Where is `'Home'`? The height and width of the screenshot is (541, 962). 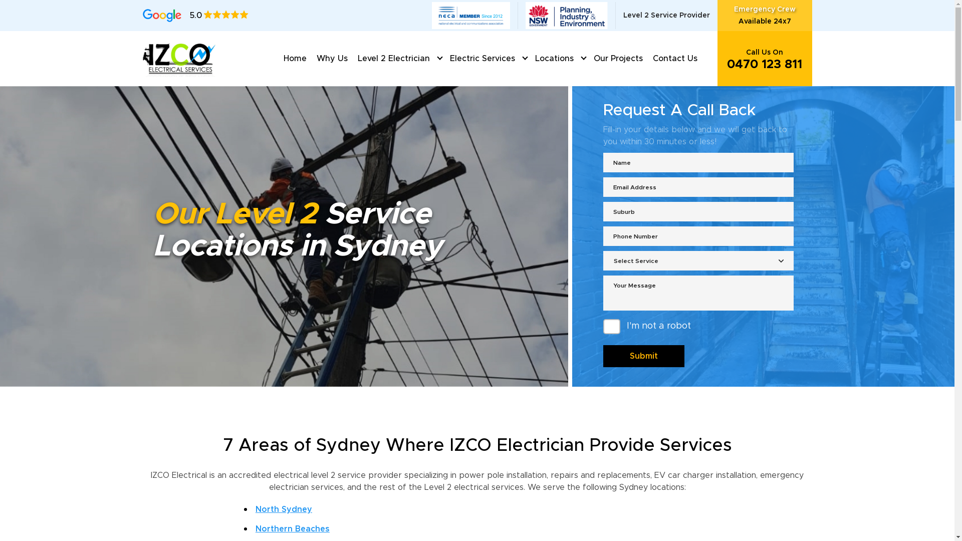
'Home' is located at coordinates (295, 58).